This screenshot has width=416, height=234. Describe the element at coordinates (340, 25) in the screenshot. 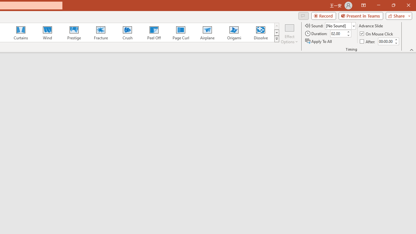

I see `'Sound'` at that location.